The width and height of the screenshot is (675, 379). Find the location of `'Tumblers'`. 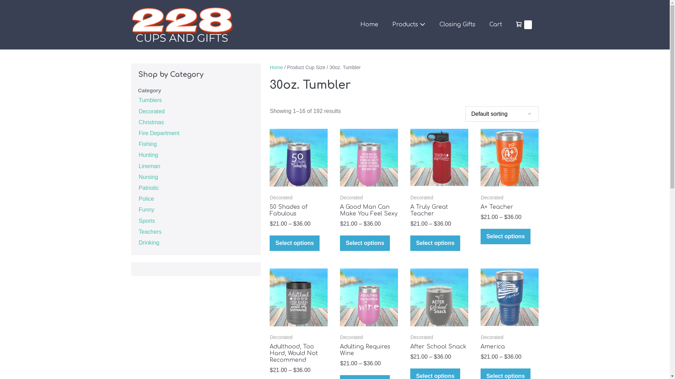

'Tumblers' is located at coordinates (150, 100).